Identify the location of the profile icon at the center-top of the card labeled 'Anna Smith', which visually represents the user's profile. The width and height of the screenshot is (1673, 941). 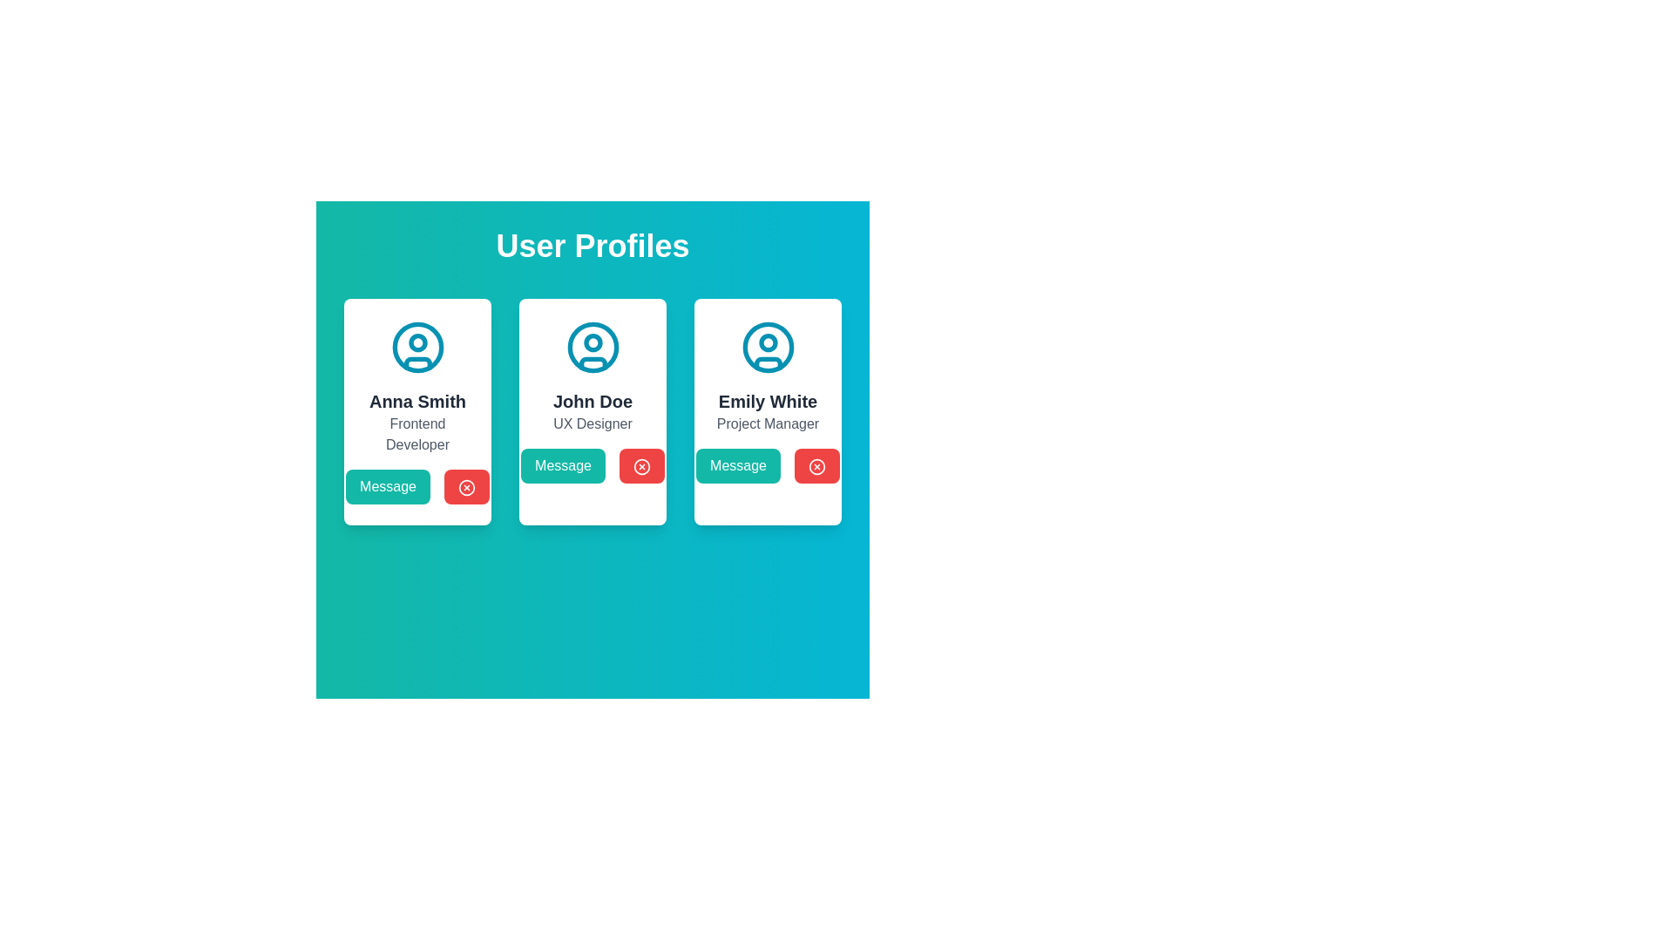
(417, 347).